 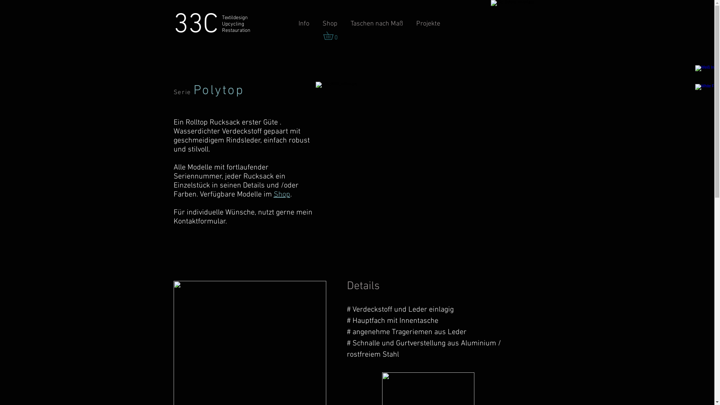 I want to click on '0', so click(x=332, y=36).